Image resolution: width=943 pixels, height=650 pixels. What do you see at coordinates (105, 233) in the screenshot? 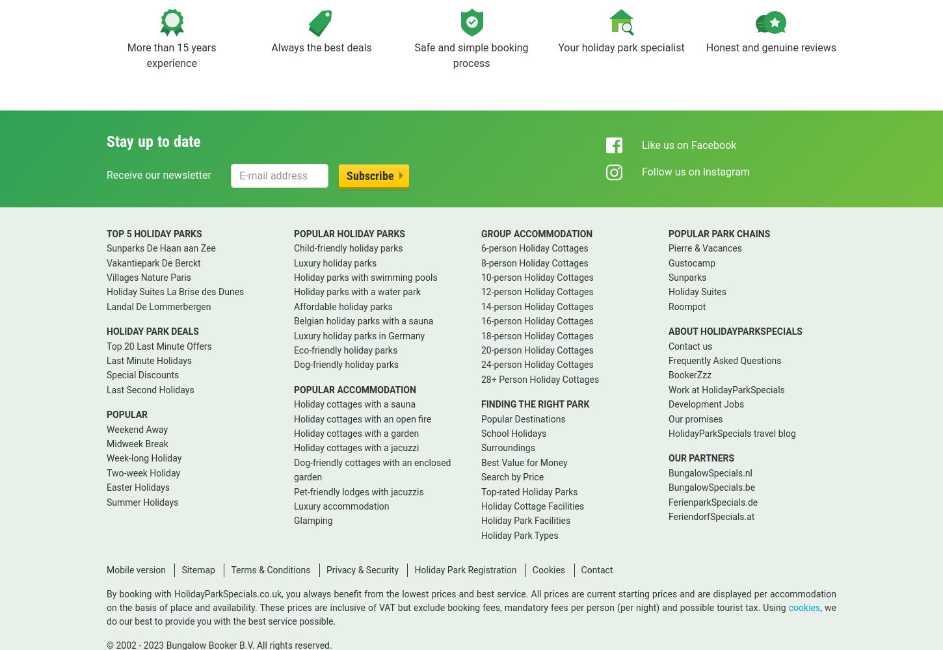
I see `'TOP 5 HOLIDAY PARKS'` at bounding box center [105, 233].